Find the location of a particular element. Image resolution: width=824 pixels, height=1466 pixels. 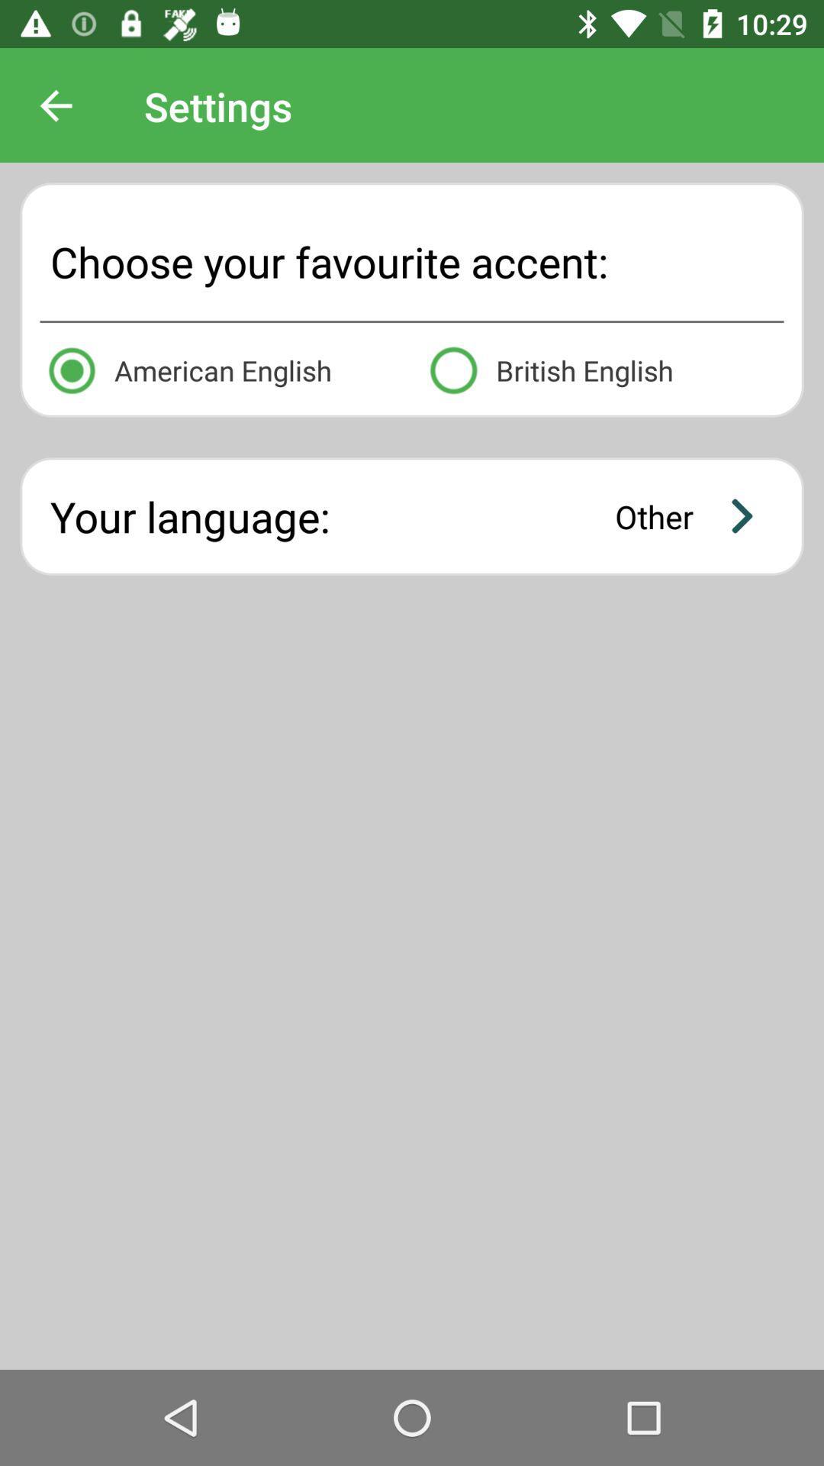

british english icon is located at coordinates (602, 367).